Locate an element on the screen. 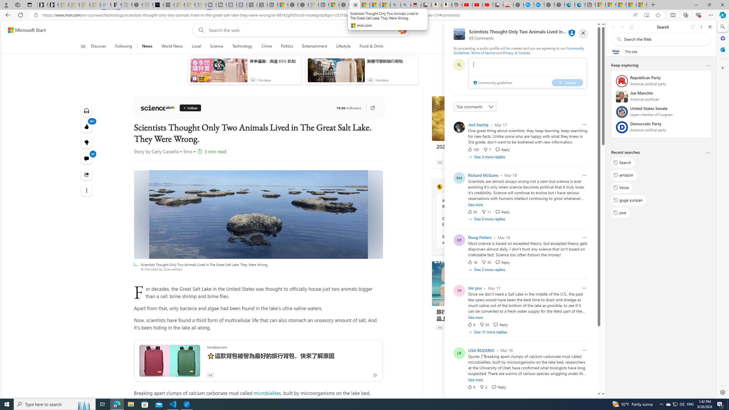 The height and width of the screenshot is (410, 729). 'Settings' is located at coordinates (722, 392).